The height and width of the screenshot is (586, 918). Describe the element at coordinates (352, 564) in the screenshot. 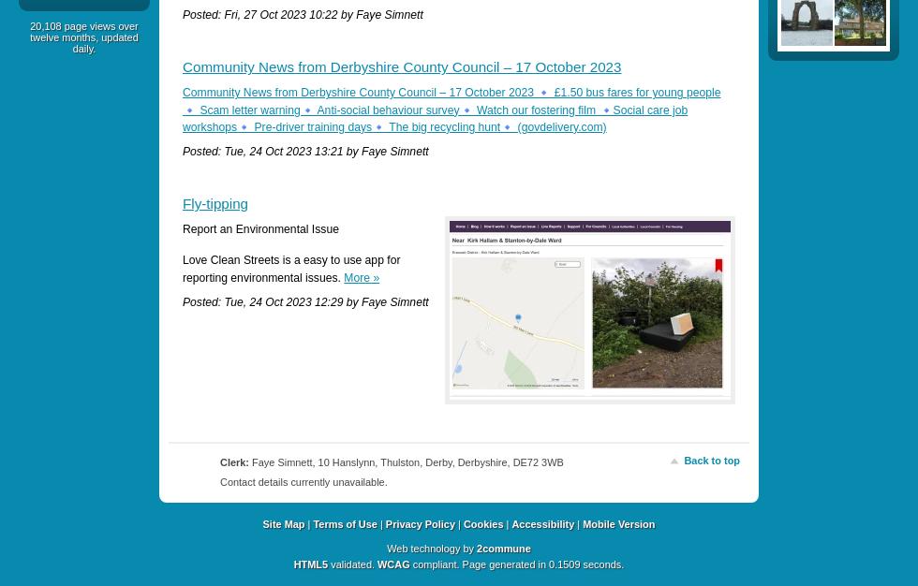

I see `'validated.'` at that location.